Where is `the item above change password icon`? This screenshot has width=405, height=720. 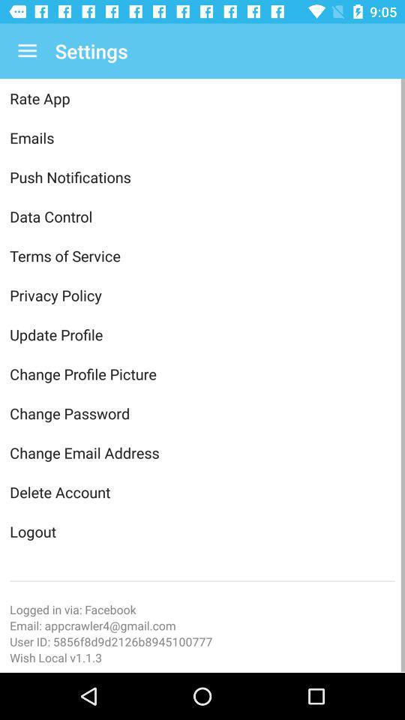 the item above change password icon is located at coordinates (202, 373).